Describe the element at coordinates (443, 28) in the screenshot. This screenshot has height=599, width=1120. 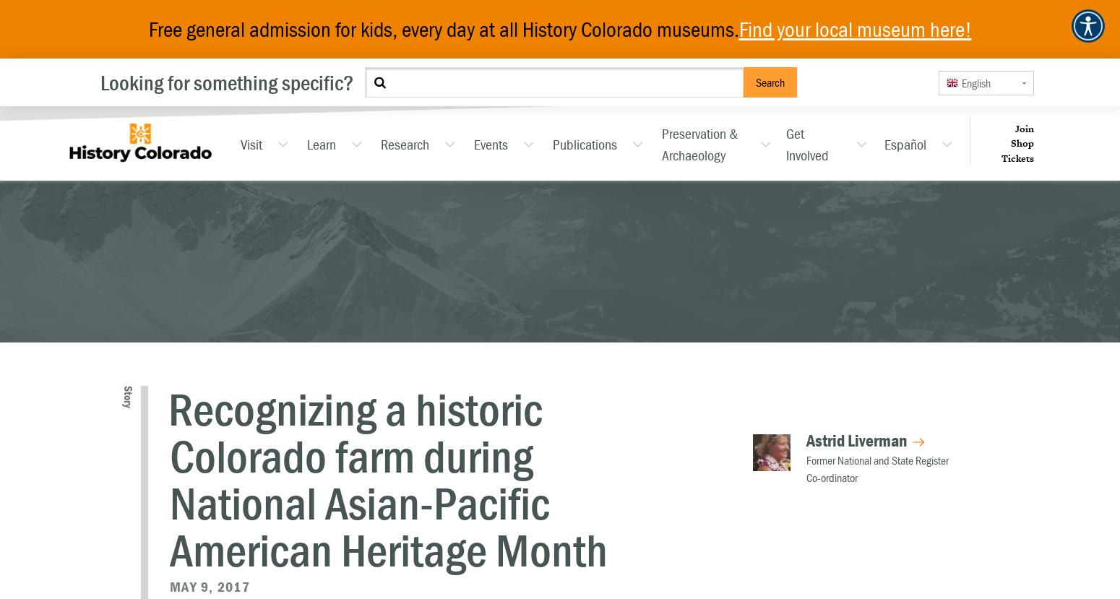
I see `'Free general admission for kids, every day at all History Colorado museums.'` at that location.